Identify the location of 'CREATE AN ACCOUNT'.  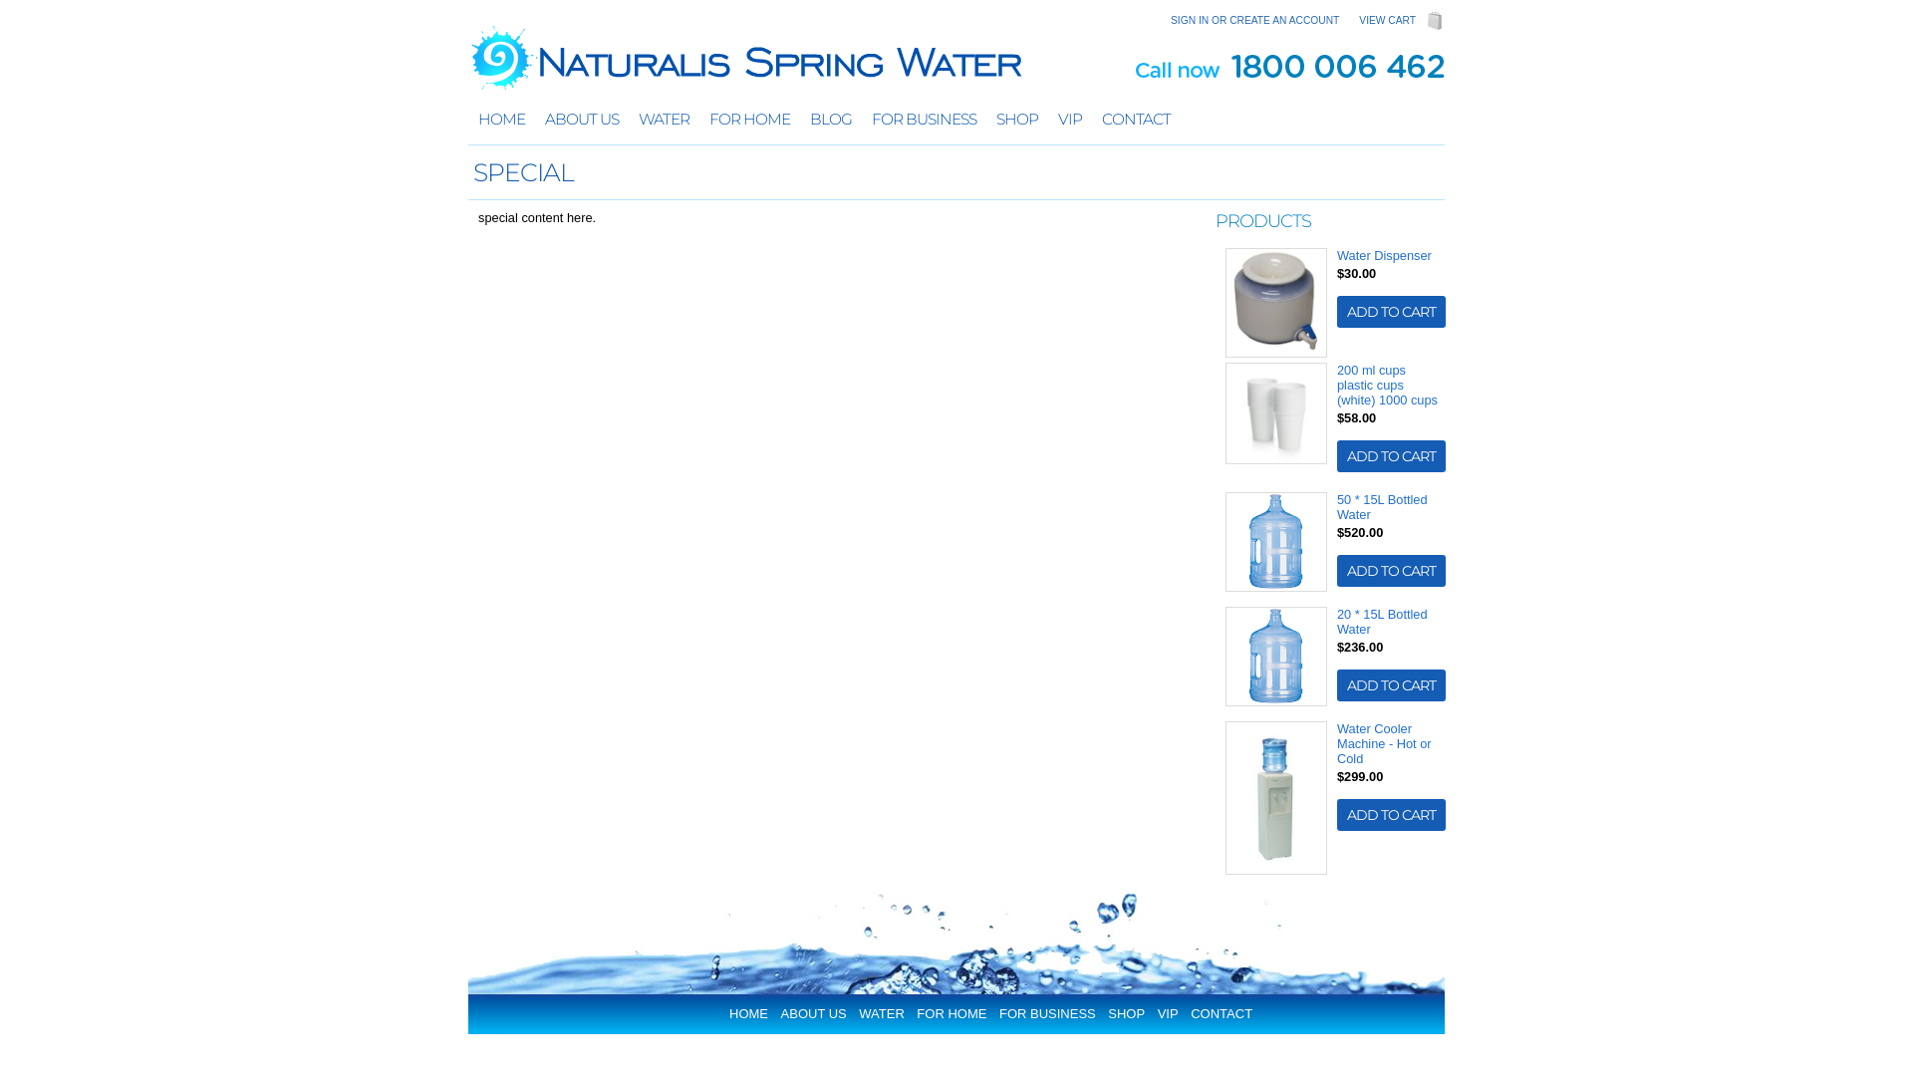
(1228, 20).